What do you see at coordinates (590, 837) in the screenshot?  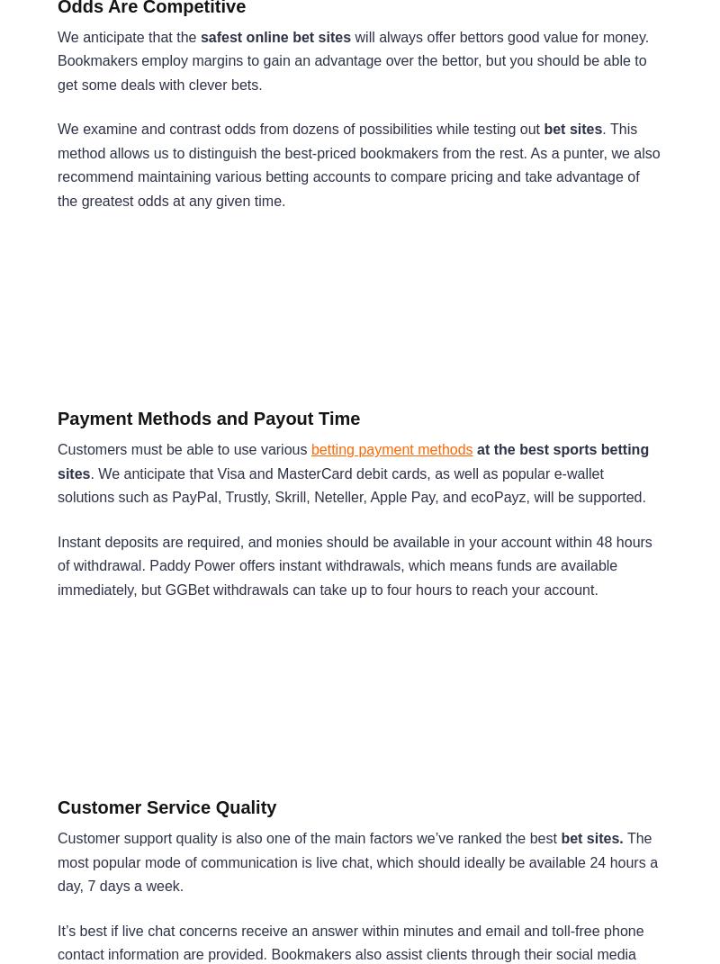 I see `'bet sites.'` at bounding box center [590, 837].